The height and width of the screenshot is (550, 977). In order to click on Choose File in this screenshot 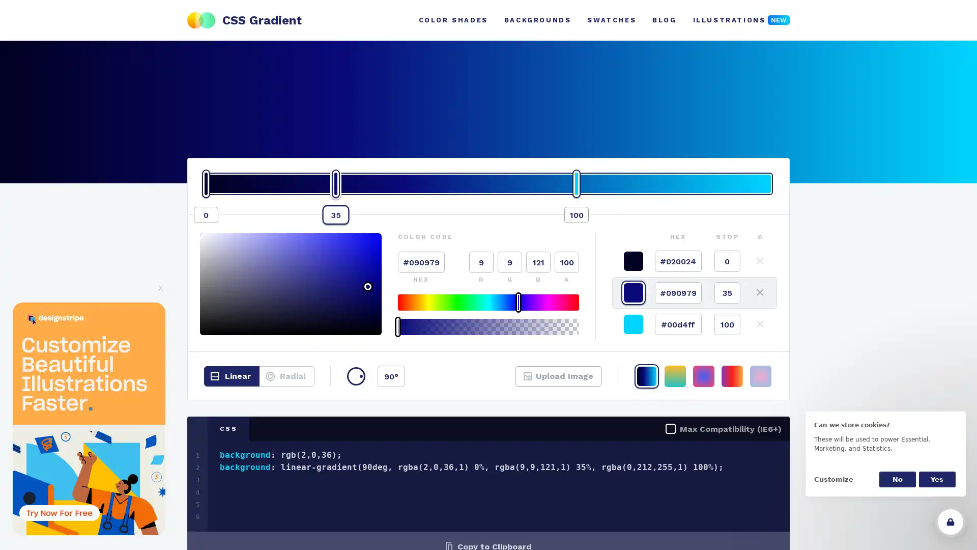, I will do `click(541, 382)`.